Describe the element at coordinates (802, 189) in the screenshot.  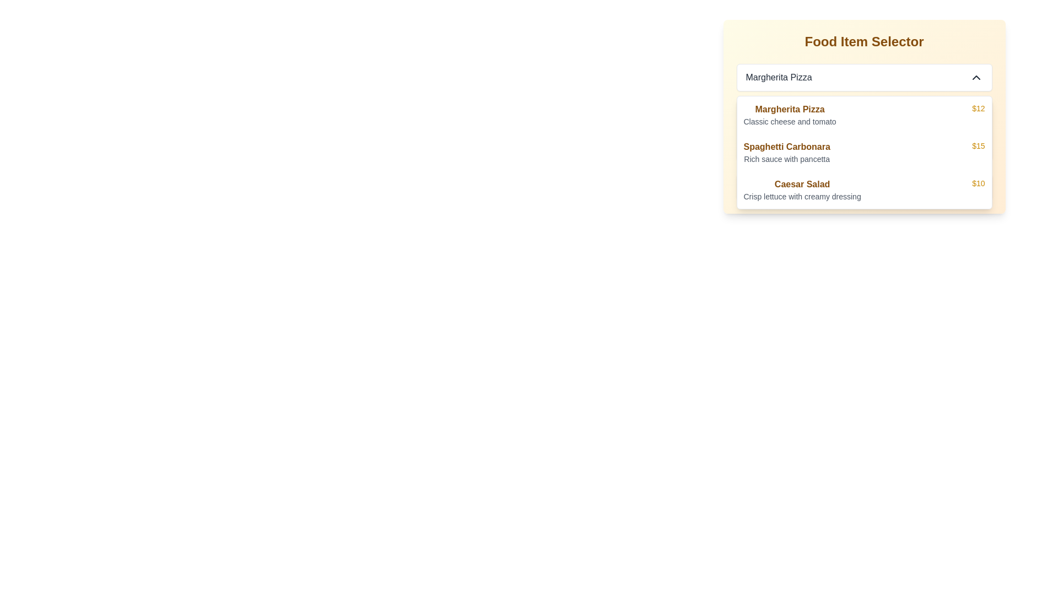
I see `the 'Caesar Salad' menu item` at that location.